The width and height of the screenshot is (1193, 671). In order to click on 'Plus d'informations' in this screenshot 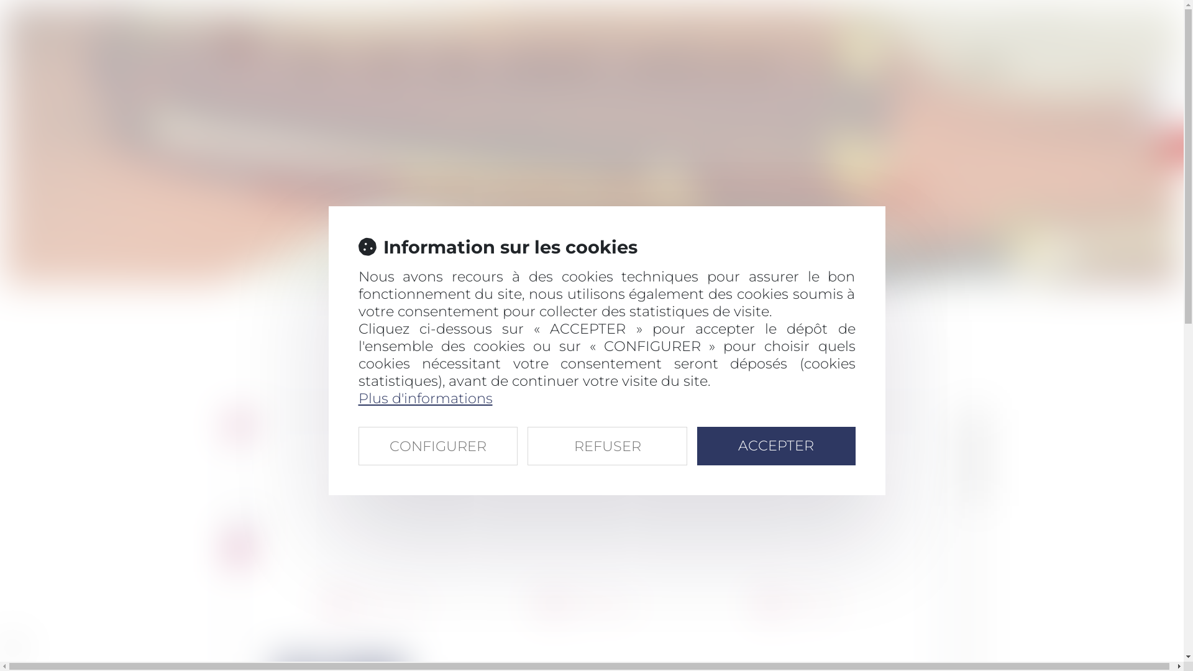, I will do `click(357, 398)`.